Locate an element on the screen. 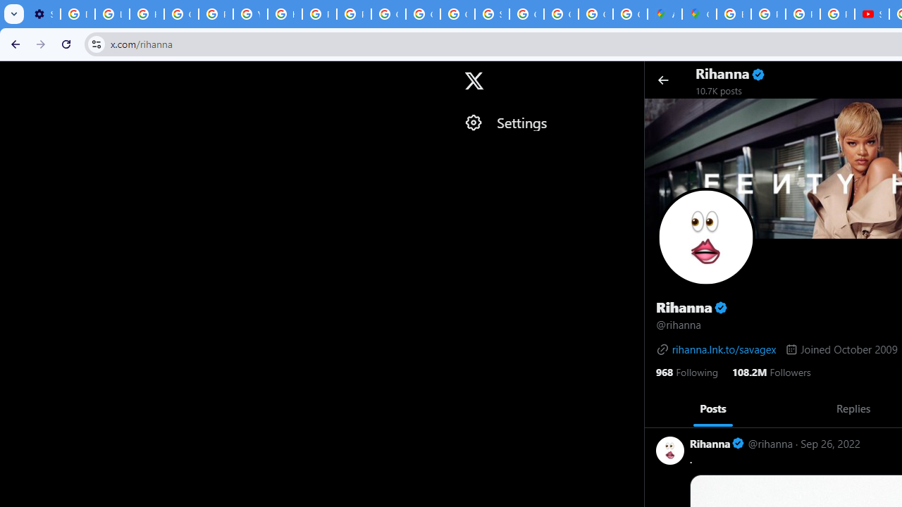 The width and height of the screenshot is (902, 507). 'Skip to trending' is located at coordinates (12, 74).